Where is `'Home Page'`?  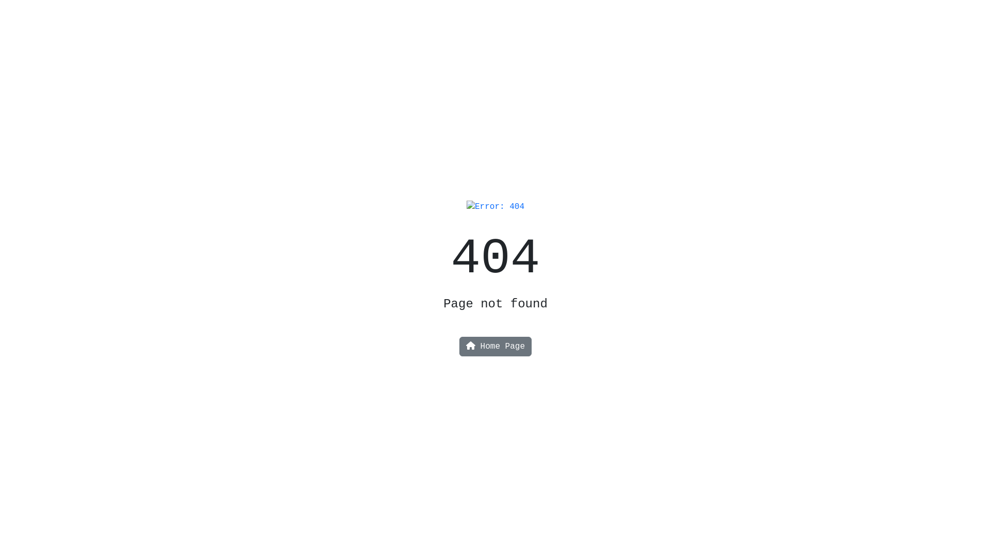 'Home Page' is located at coordinates (495, 346).